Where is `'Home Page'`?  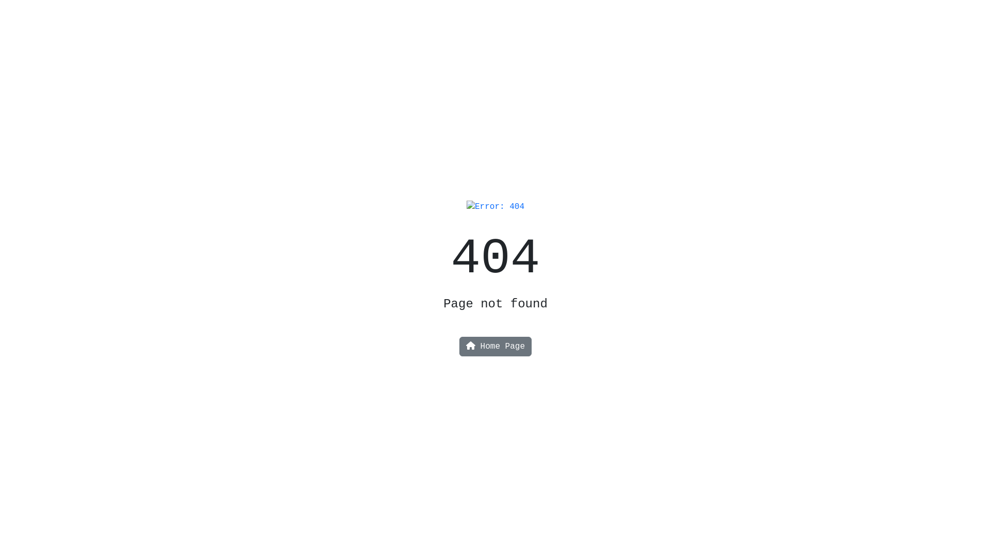 'Home Page' is located at coordinates (495, 346).